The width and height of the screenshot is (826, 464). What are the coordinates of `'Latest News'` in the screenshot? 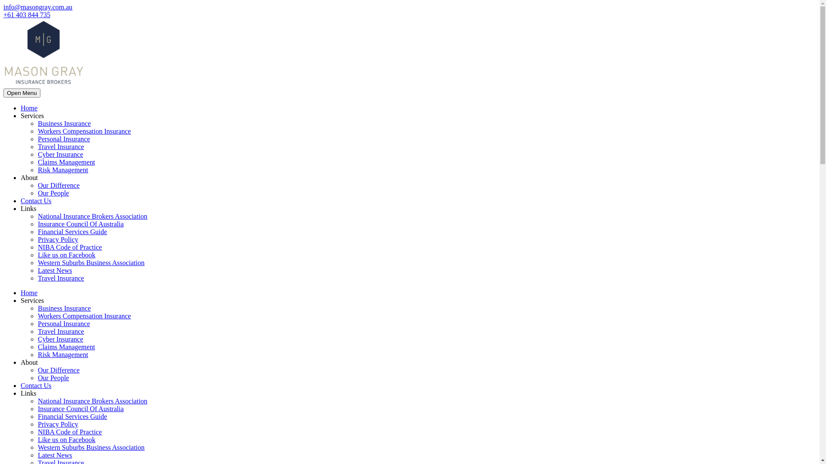 It's located at (55, 455).